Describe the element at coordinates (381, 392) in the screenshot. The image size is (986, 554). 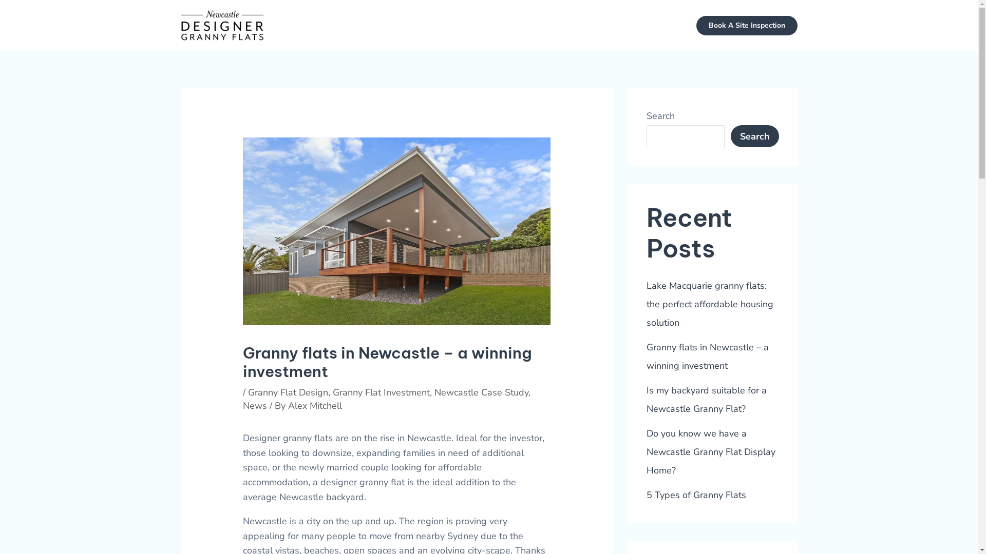
I see `'Granny Flat Investment'` at that location.